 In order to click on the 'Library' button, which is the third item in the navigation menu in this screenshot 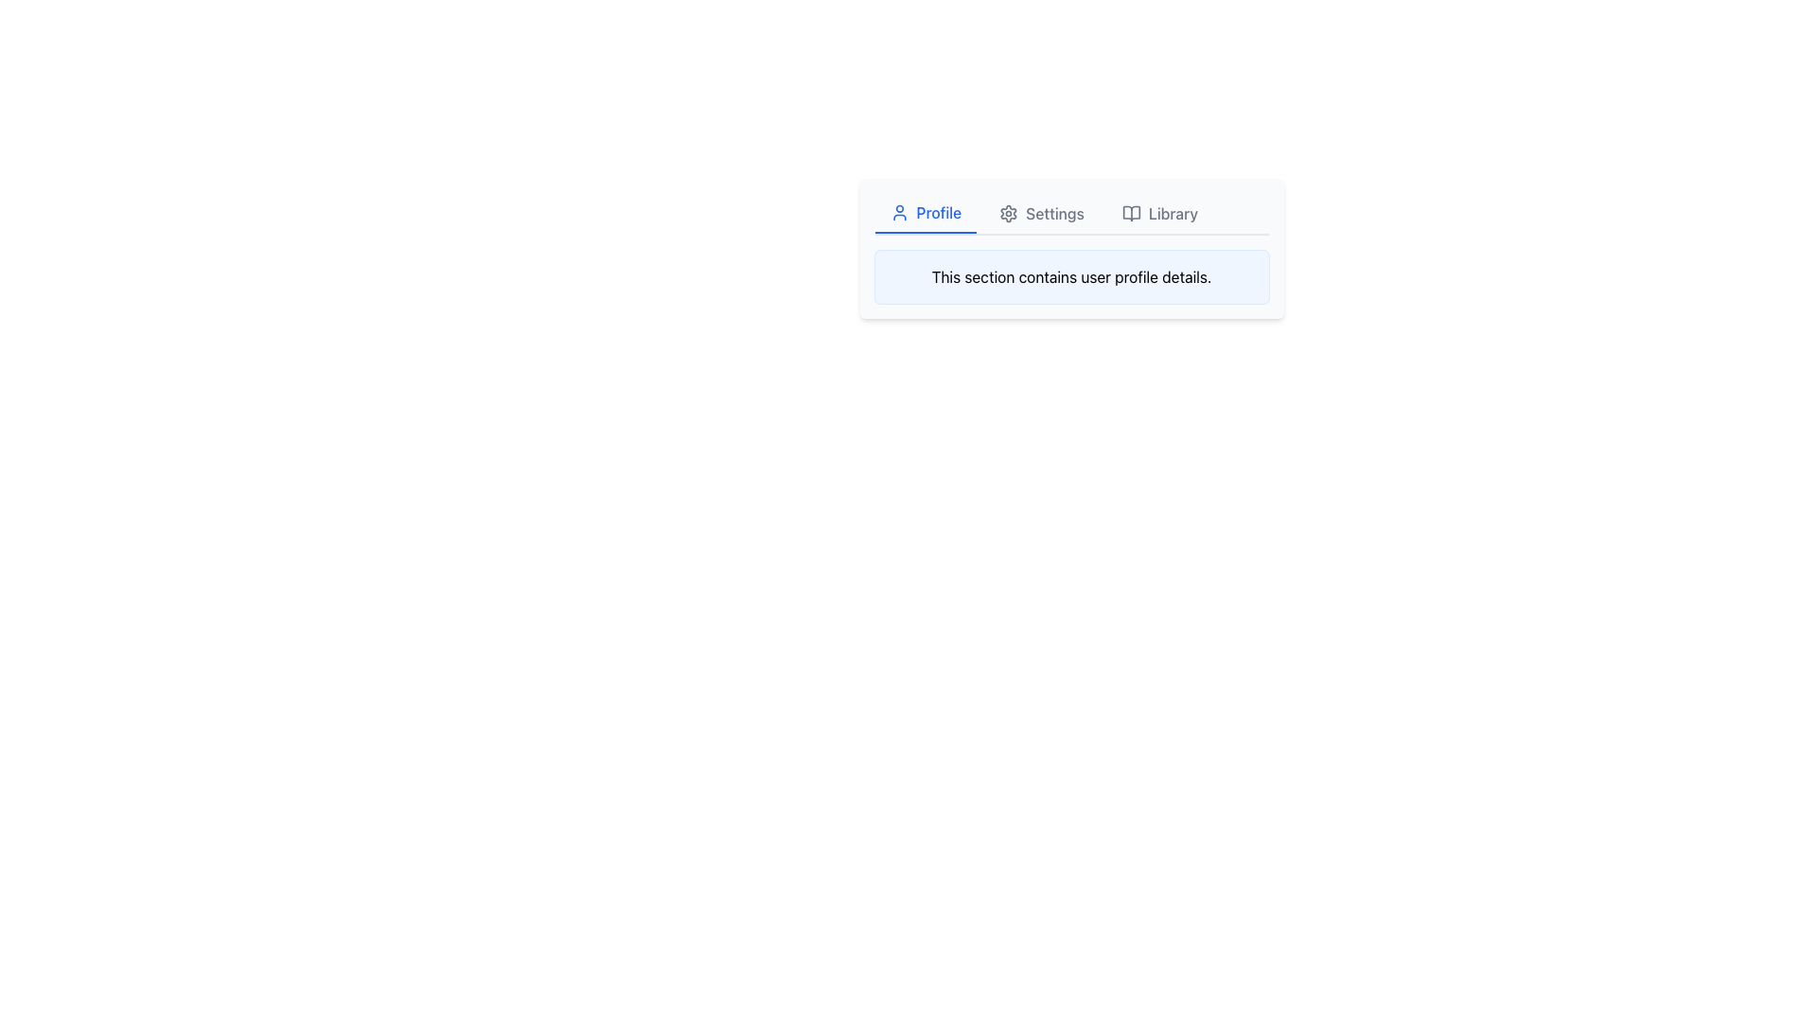, I will do `click(1158, 213)`.